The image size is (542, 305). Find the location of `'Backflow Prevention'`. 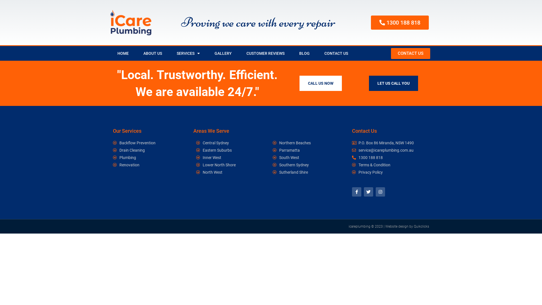

'Backflow Prevention' is located at coordinates (139, 142).